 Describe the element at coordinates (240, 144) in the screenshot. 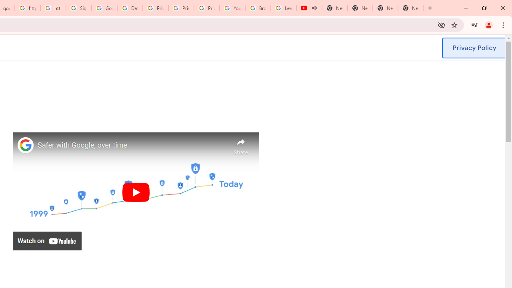

I see `'Share'` at that location.